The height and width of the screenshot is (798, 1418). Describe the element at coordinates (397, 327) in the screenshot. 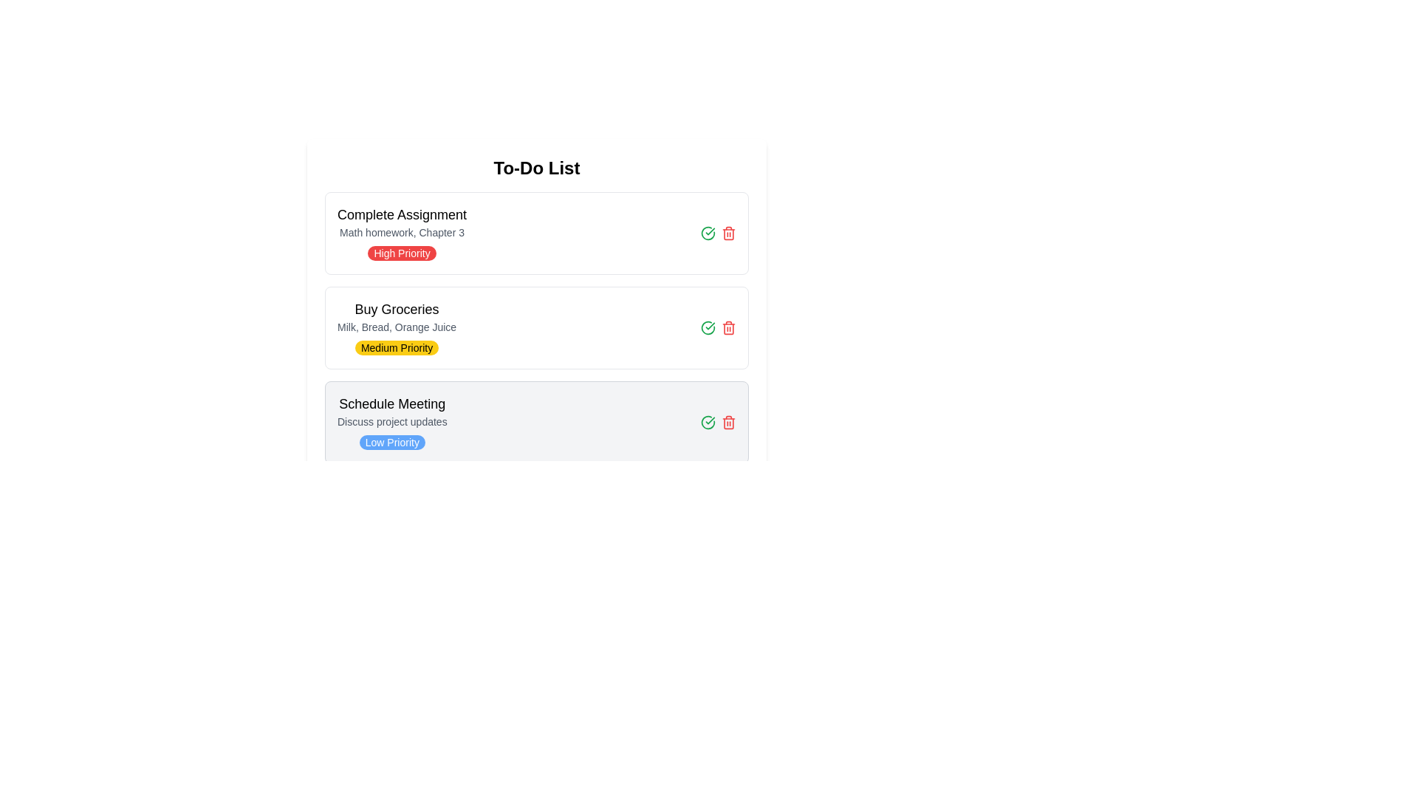

I see `text of the to-do task titled 'Buy Groceries' which includes the items 'Milk, Bread, Orange Juice' and its priority level 'Medium Priority'` at that location.